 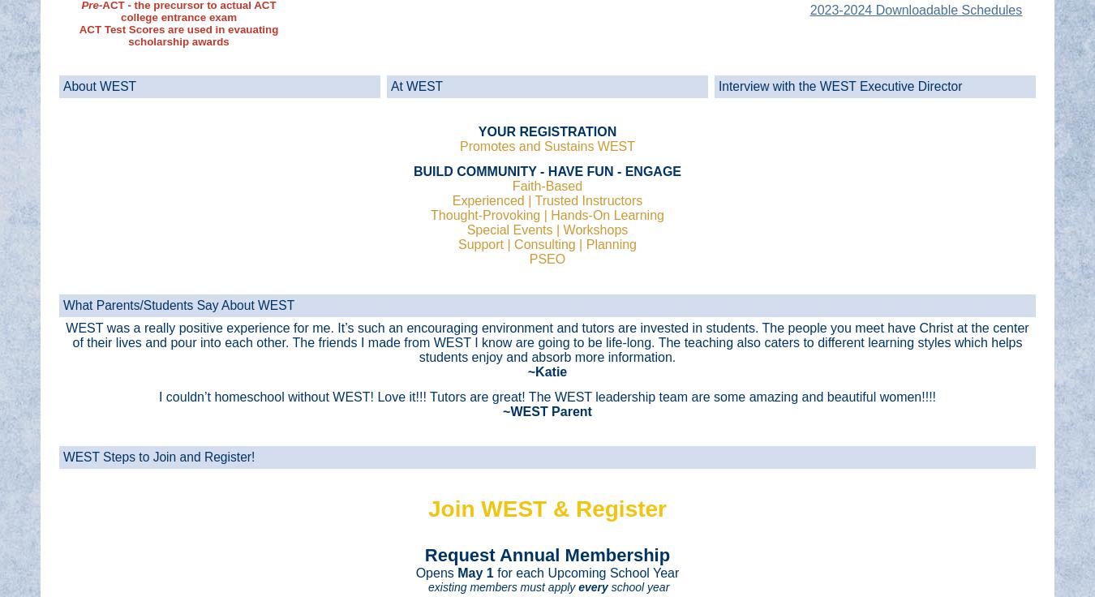 I want to click on 'for each Upcoming School Year', so click(x=586, y=572).